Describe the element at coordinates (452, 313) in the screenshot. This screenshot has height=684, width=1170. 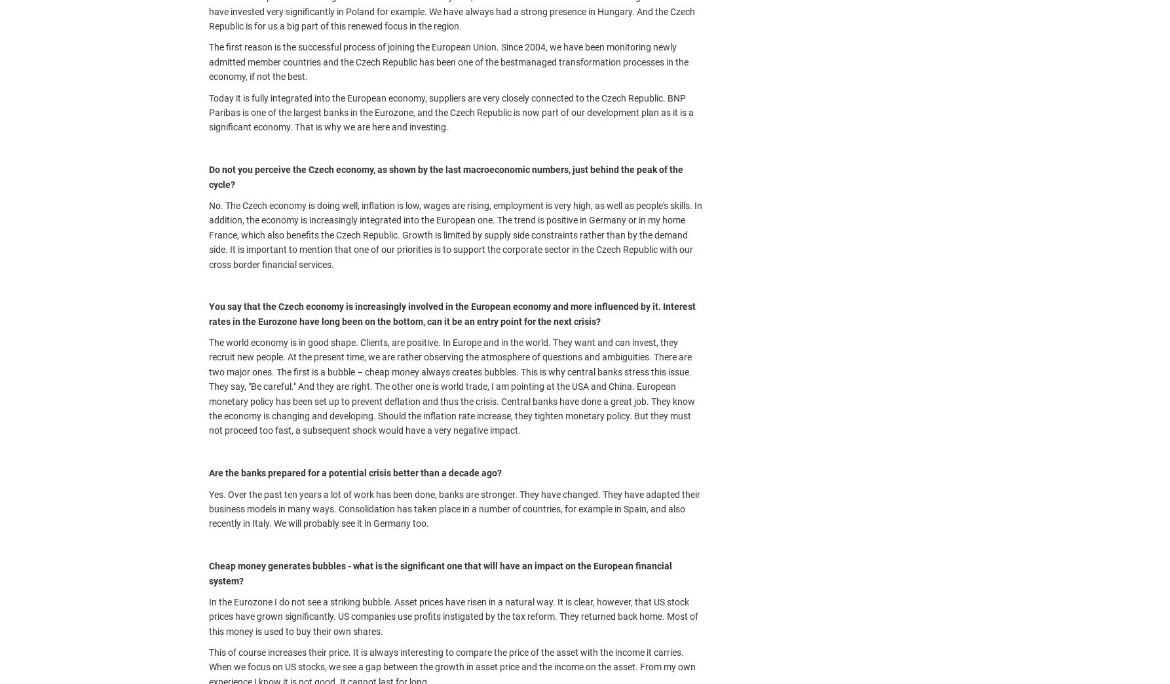
I see `'You say that the Czech economy is increasingly involved in the European economy and more influenced by it. Interest rates in the Eurozone have long been on the bottom, can it be an entry point for the next crisis?'` at that location.